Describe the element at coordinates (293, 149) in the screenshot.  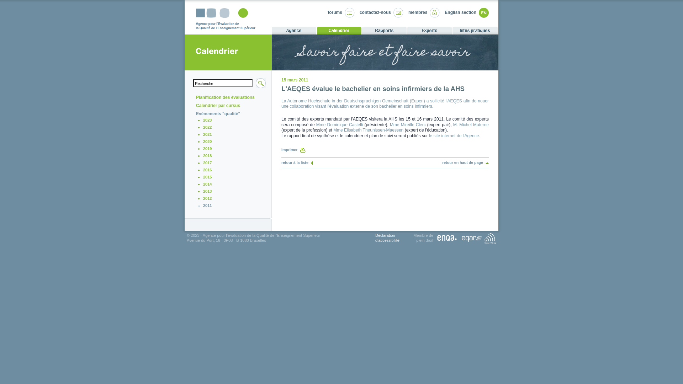
I see `'imprimer'` at that location.